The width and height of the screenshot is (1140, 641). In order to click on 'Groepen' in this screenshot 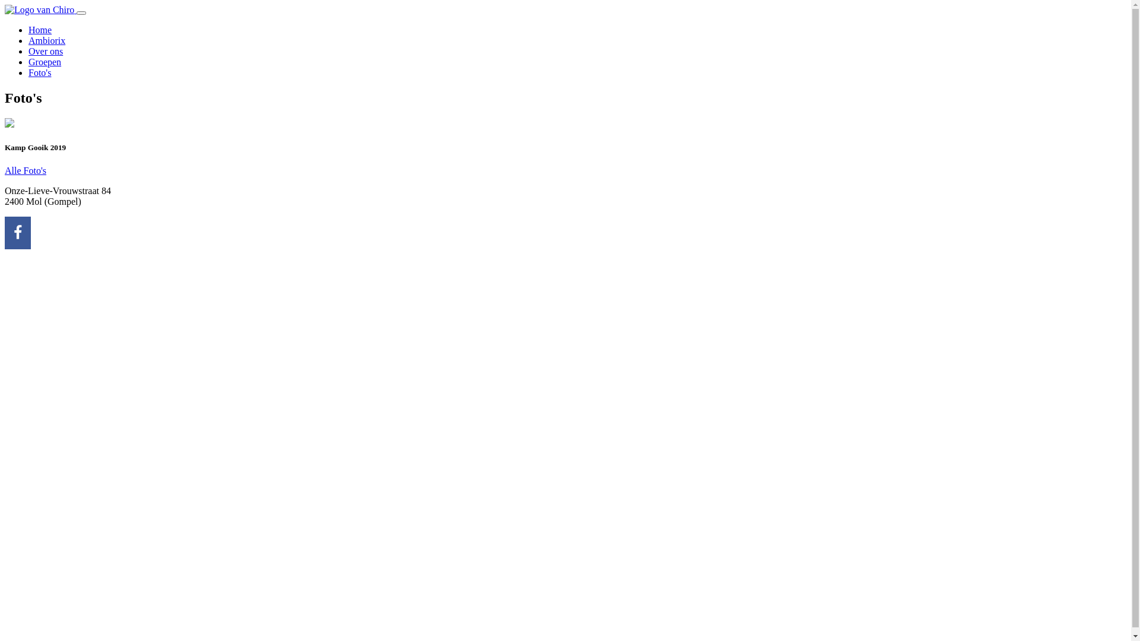, I will do `click(28, 62)`.